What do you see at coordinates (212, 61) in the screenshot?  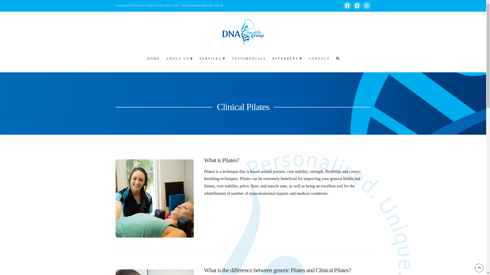 I see `'SERVICES'` at bounding box center [212, 61].